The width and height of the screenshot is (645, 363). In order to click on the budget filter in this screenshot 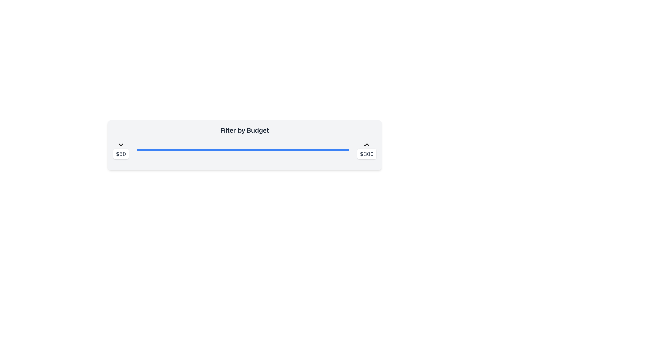, I will do `click(315, 150)`.